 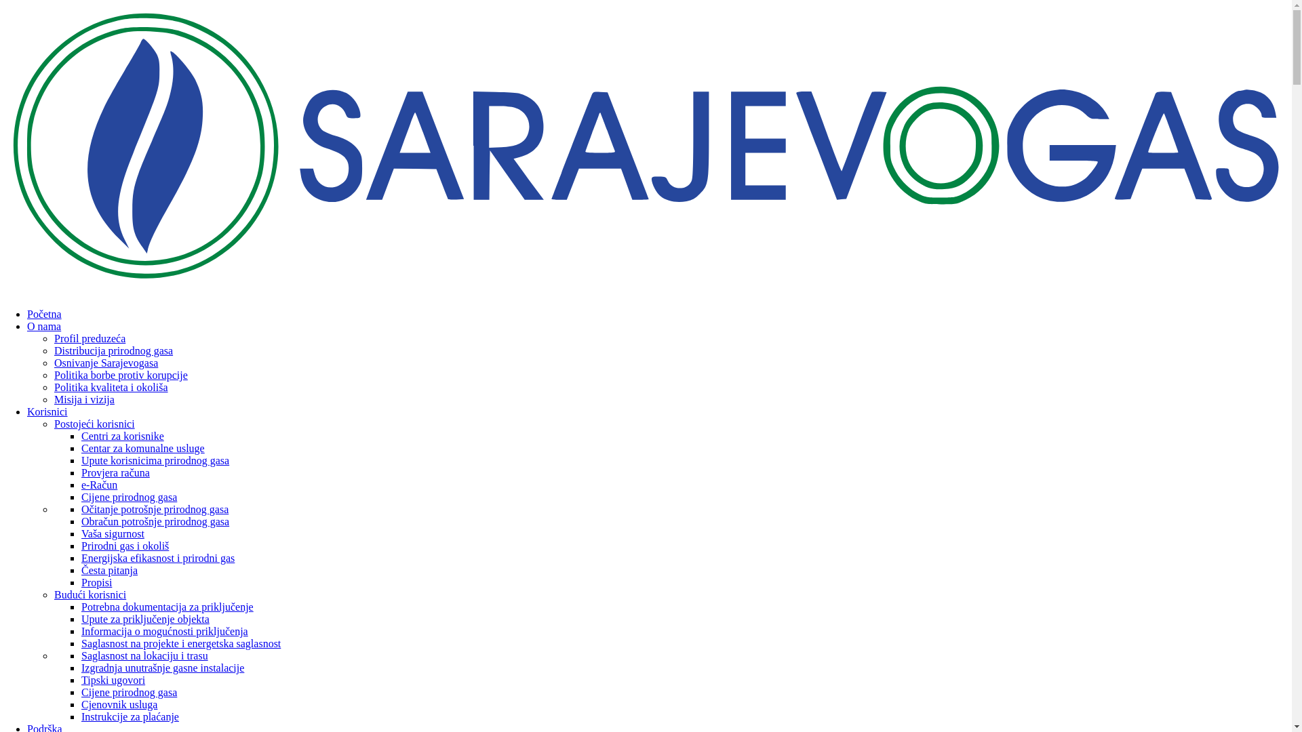 I want to click on 'Distribucija prirodnog gasa', so click(x=113, y=350).